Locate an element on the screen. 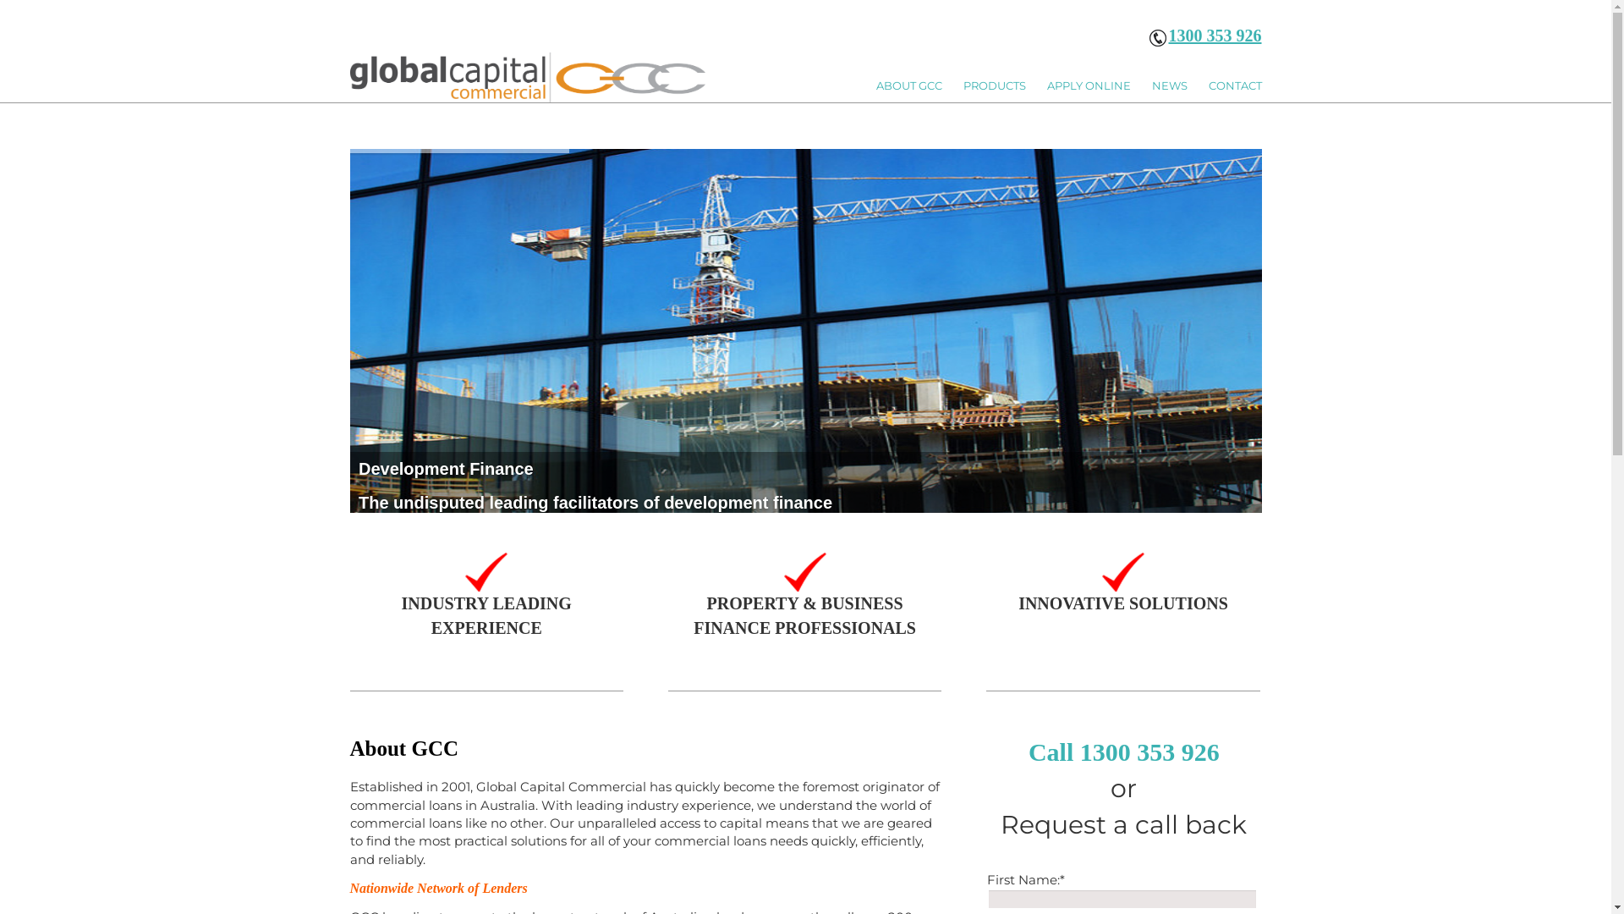 This screenshot has width=1624, height=914. 'APPLY ONLINE' is located at coordinates (1046, 85).